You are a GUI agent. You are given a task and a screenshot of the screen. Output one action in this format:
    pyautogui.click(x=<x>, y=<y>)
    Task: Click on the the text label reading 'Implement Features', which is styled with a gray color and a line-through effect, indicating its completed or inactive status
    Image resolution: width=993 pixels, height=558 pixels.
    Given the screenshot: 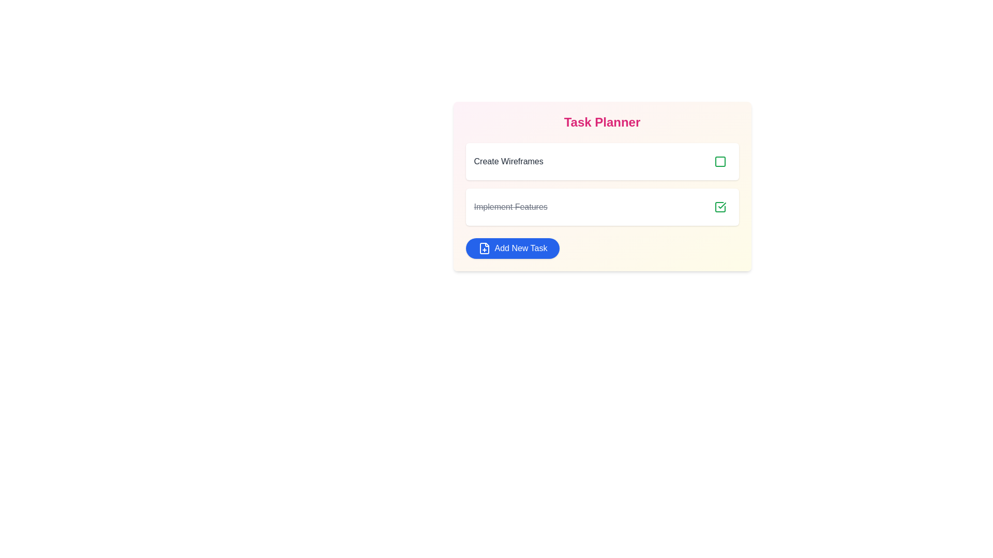 What is the action you would take?
    pyautogui.click(x=510, y=207)
    